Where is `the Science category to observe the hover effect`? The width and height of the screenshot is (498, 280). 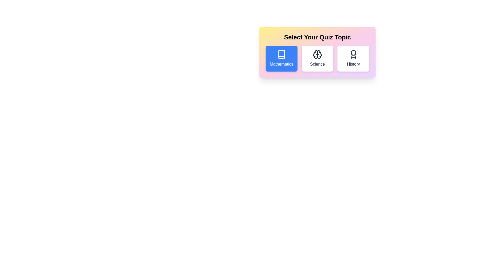 the Science category to observe the hover effect is located at coordinates (317, 58).